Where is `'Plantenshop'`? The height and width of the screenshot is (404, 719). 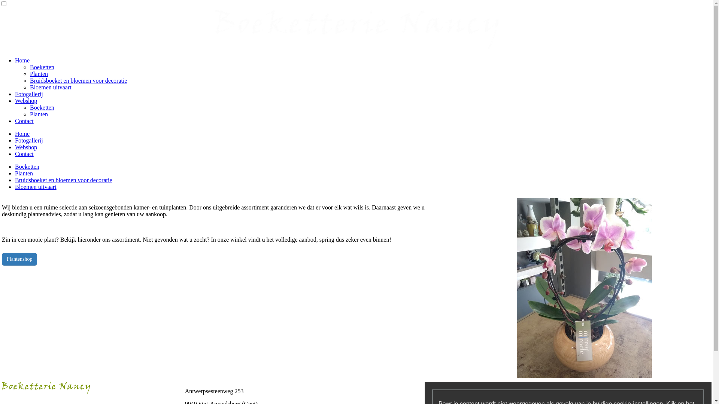
'Plantenshop' is located at coordinates (1, 259).